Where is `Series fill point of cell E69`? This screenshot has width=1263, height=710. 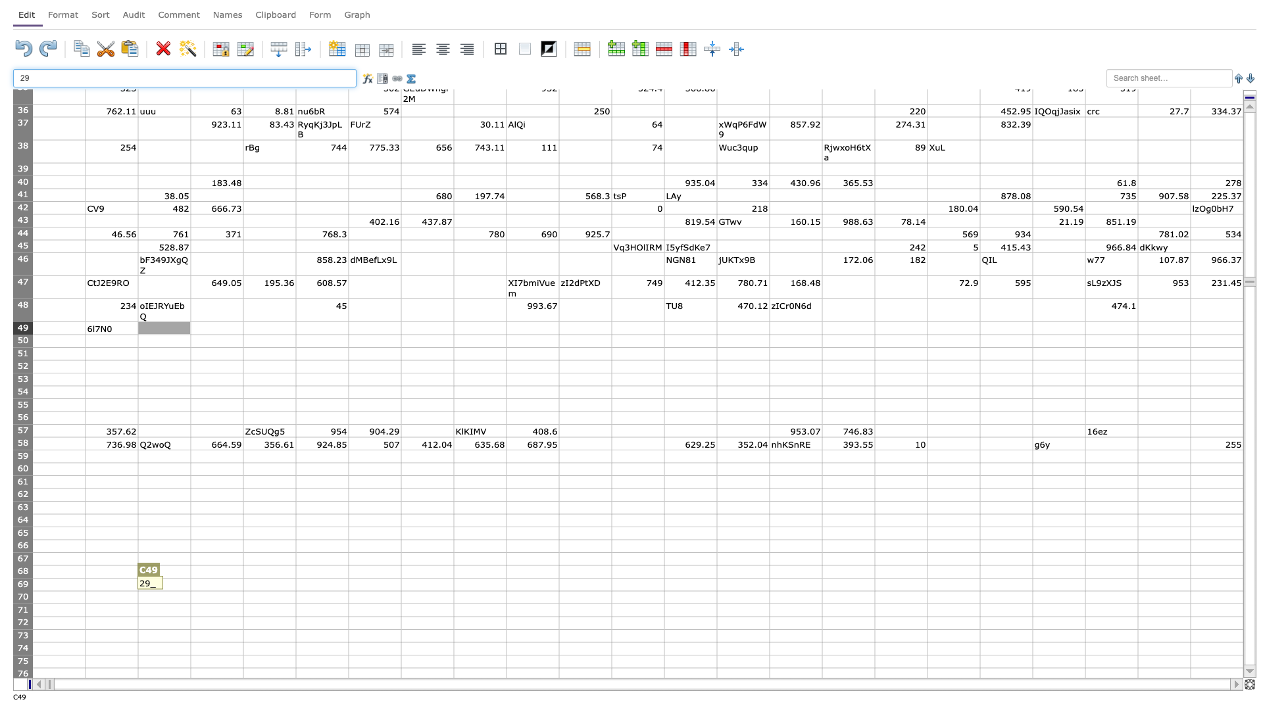
Series fill point of cell E69 is located at coordinates (295, 590).